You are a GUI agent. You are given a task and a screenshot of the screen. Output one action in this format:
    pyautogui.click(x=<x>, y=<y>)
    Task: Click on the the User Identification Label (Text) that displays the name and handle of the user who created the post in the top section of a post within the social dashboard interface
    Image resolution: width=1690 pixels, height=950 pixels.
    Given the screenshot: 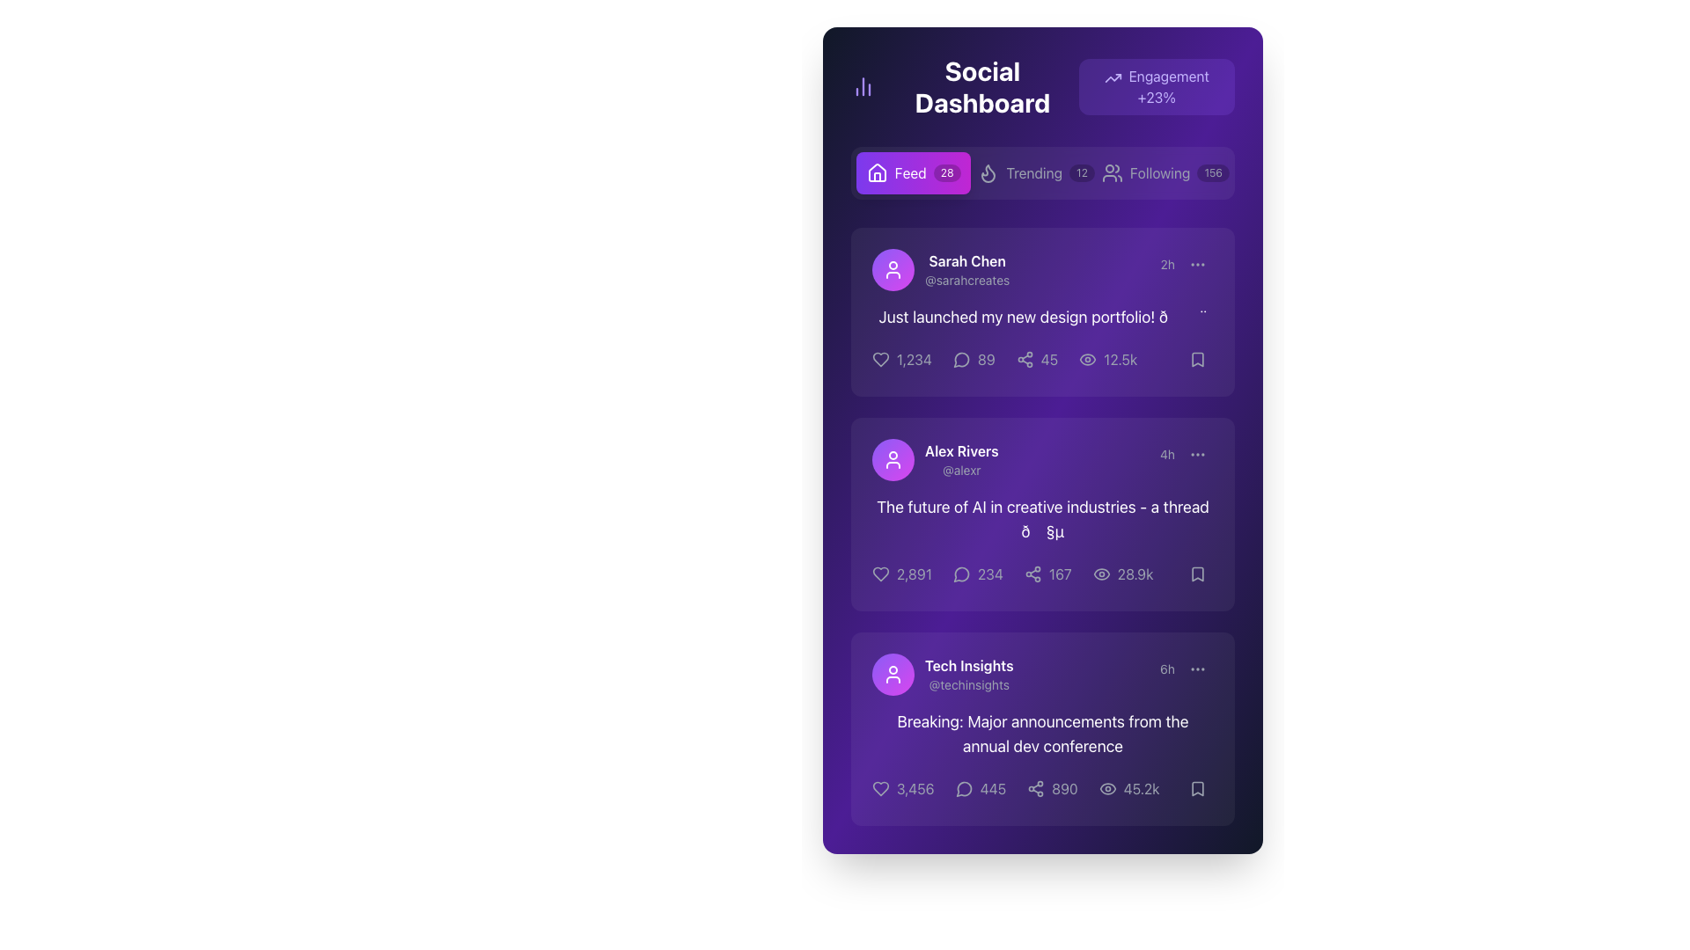 What is the action you would take?
    pyautogui.click(x=966, y=270)
    